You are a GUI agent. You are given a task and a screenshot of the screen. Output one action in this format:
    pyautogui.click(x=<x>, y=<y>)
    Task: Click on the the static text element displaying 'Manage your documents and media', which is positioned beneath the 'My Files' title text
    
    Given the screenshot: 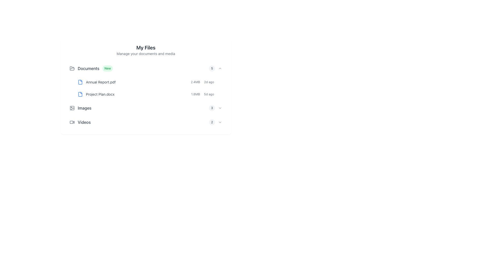 What is the action you would take?
    pyautogui.click(x=146, y=54)
    